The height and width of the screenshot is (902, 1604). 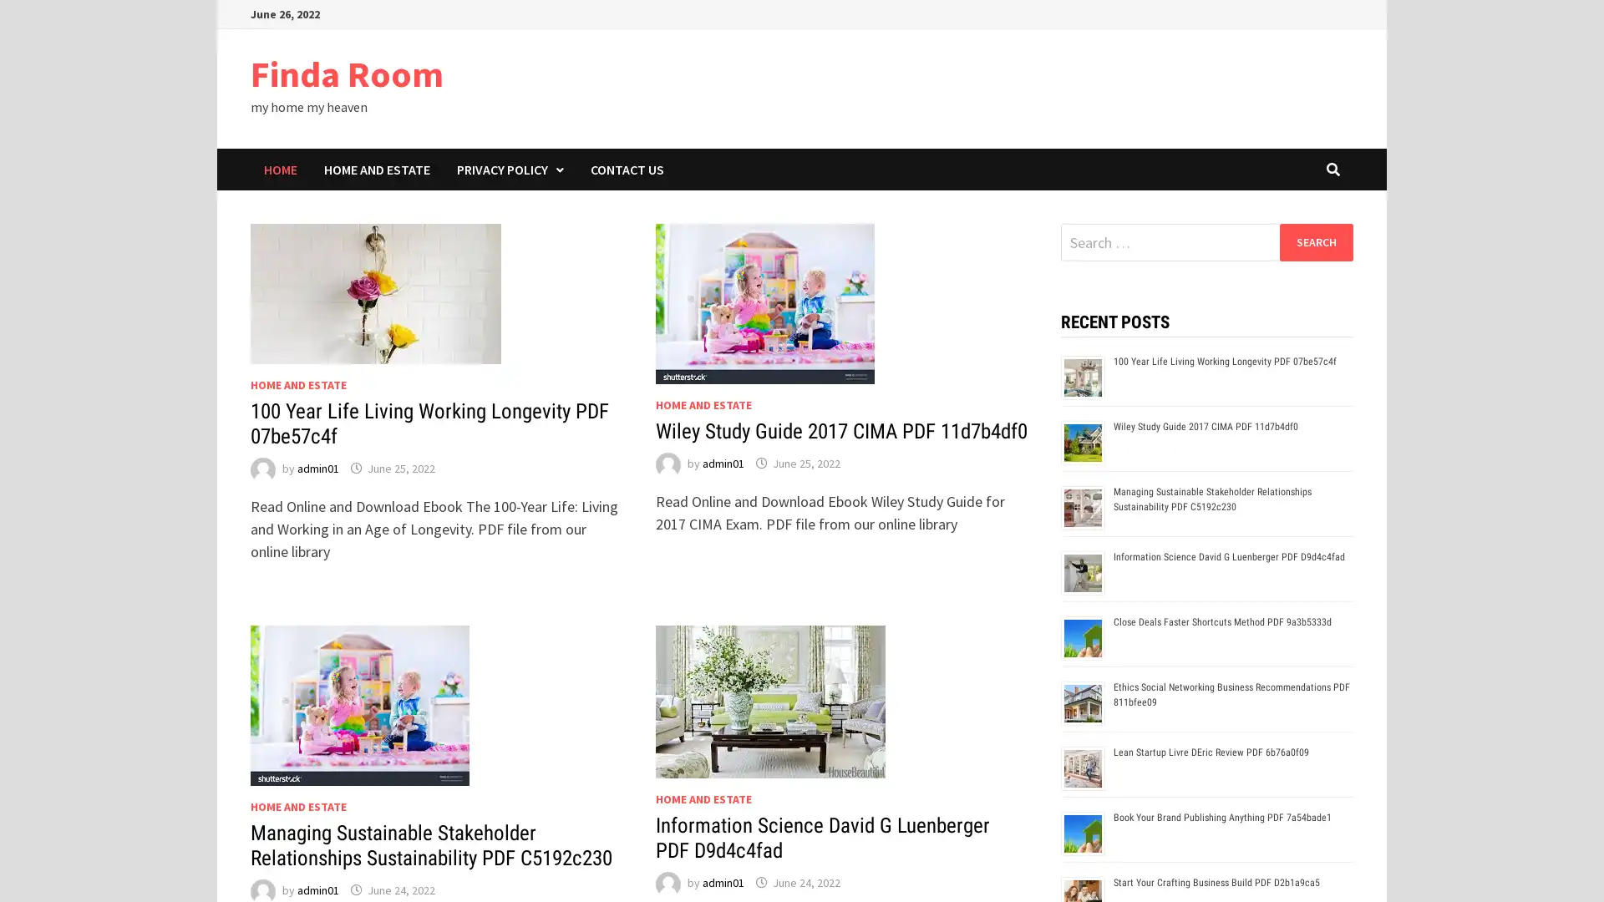 I want to click on Search, so click(x=1315, y=241).